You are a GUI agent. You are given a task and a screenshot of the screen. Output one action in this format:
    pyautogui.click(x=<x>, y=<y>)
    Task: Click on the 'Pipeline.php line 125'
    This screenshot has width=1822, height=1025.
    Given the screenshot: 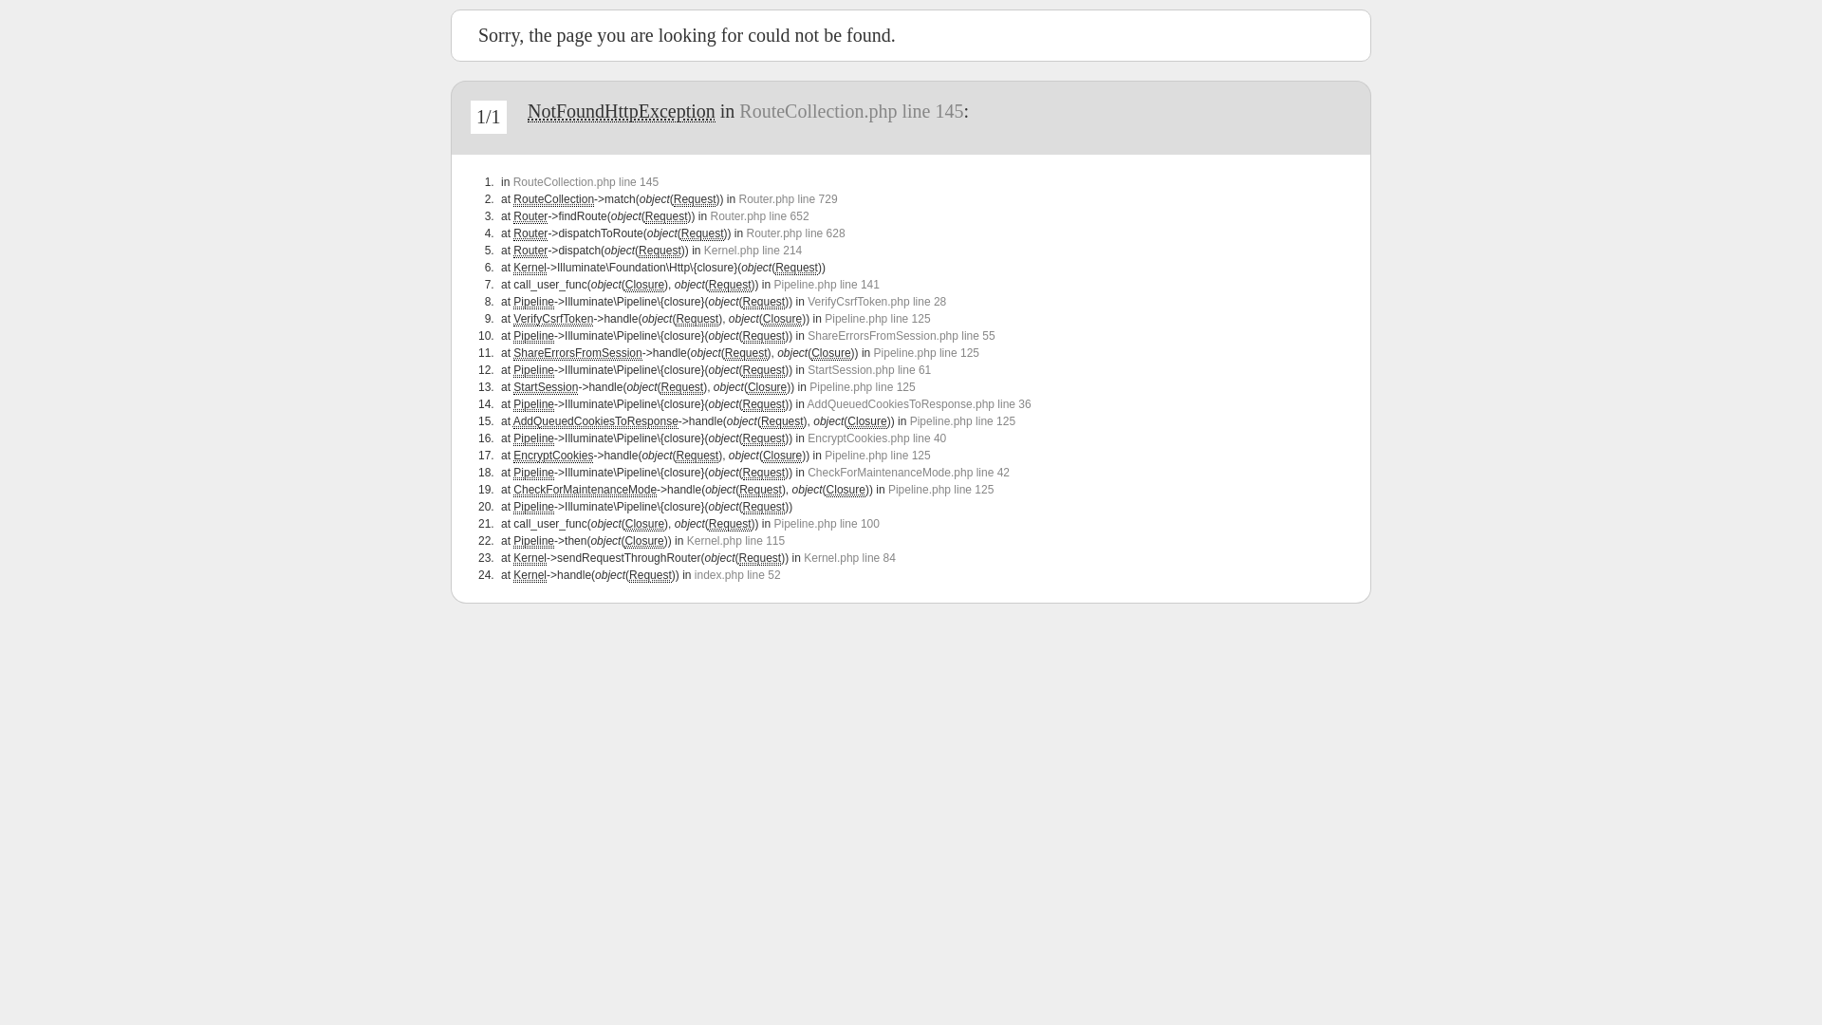 What is the action you would take?
    pyautogui.click(x=887, y=489)
    